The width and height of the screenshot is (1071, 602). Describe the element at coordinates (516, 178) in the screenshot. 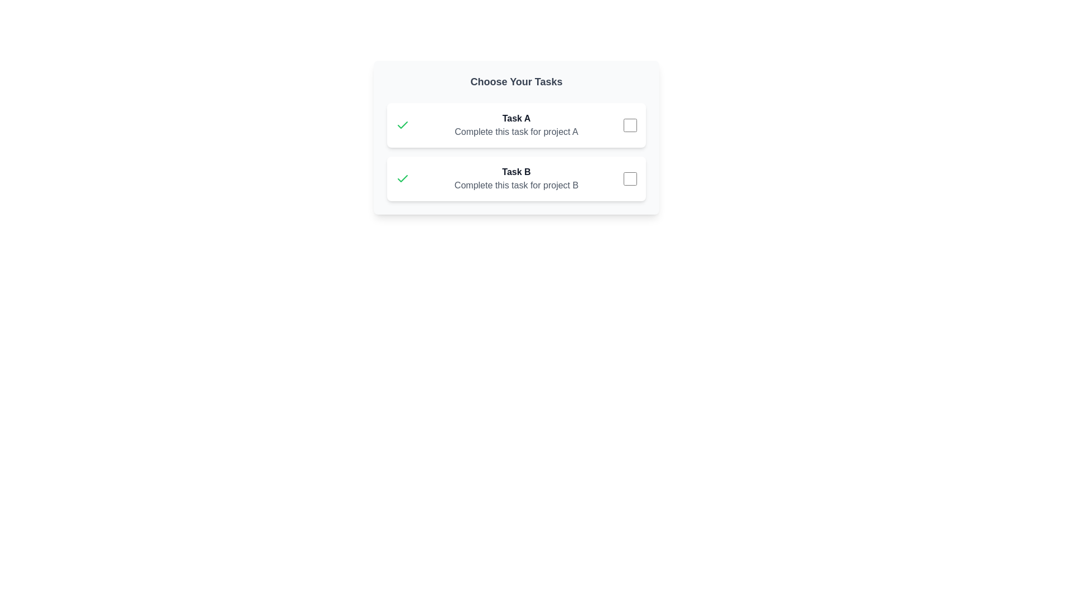

I see `the second Task card in the To-Do list` at that location.